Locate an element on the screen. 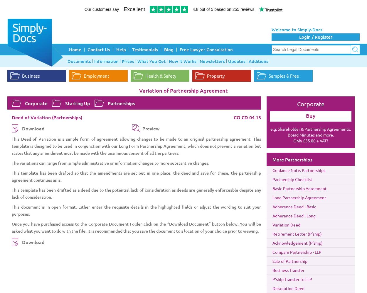  'Partnerships' is located at coordinates (121, 103).